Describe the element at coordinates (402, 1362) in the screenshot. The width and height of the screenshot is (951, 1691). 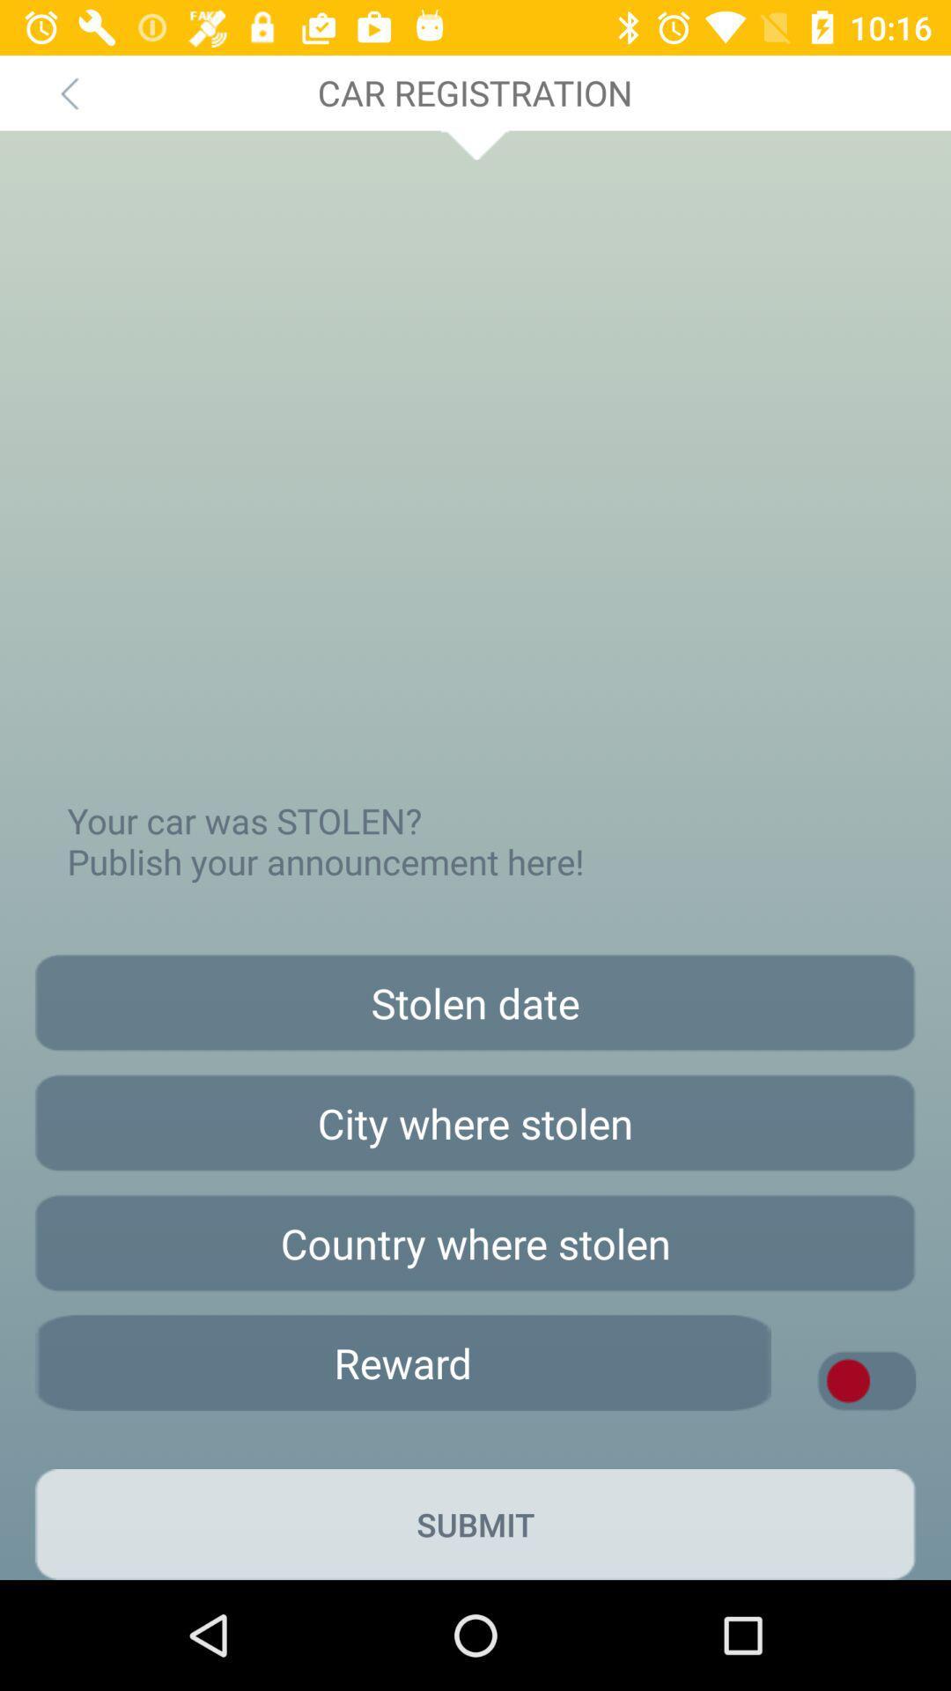
I see `offer reward` at that location.